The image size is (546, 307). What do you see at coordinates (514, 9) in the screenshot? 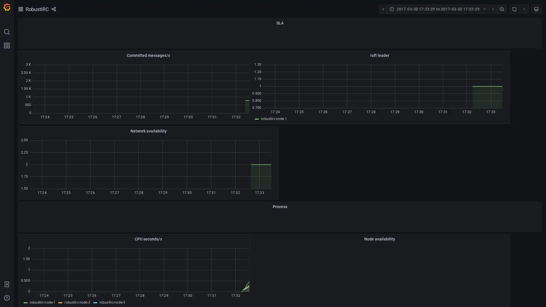
I see `Refresh dashboard` at bounding box center [514, 9].